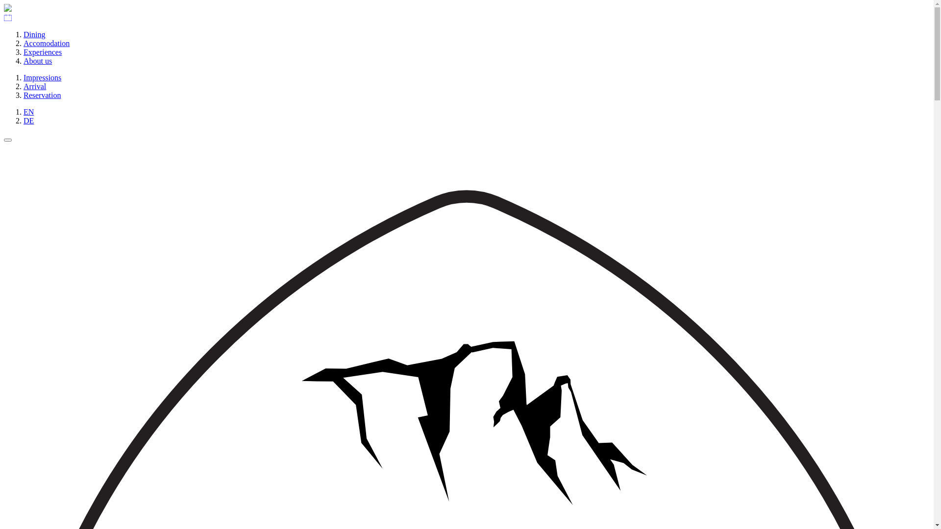 The image size is (941, 529). Describe the element at coordinates (42, 95) in the screenshot. I see `'Reservation'` at that location.